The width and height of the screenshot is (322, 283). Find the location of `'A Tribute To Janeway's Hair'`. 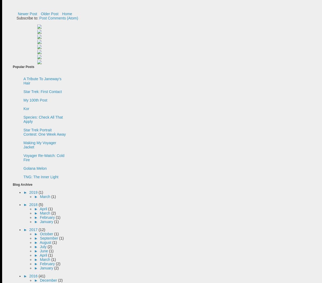

'A Tribute To Janeway's Hair' is located at coordinates (42, 81).